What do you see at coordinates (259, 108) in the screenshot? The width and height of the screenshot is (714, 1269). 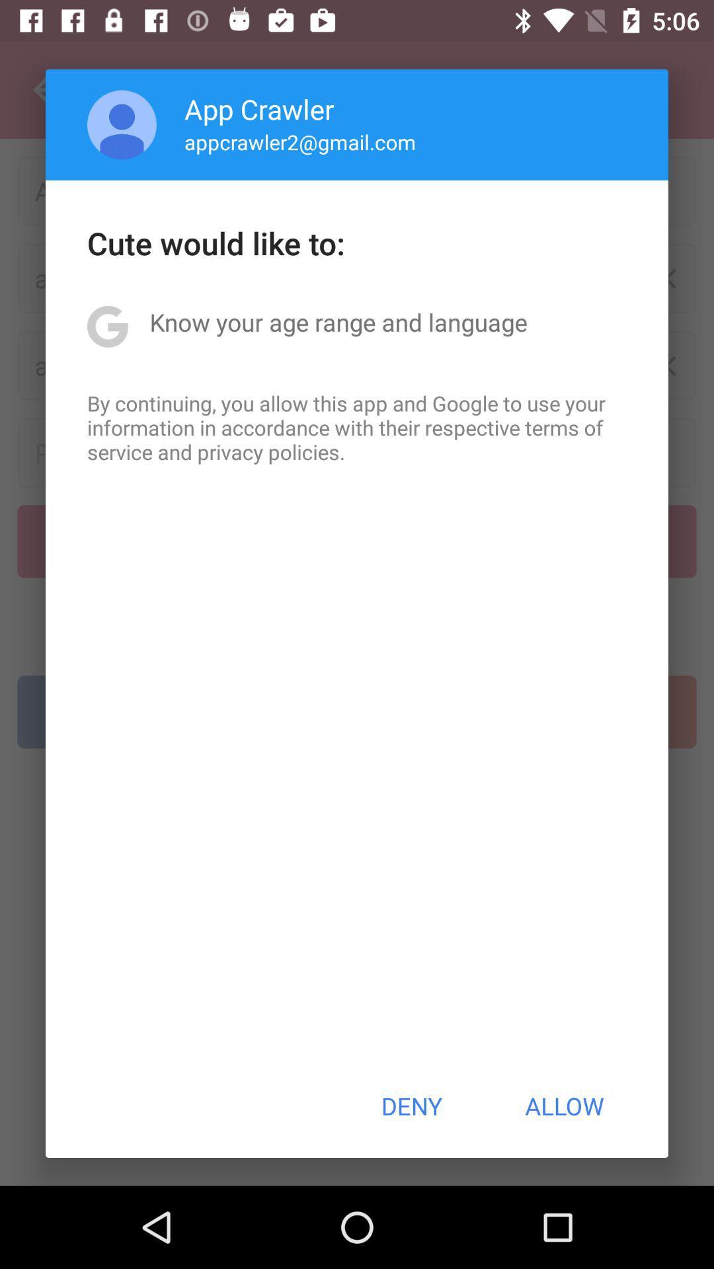 I see `app crawler app` at bounding box center [259, 108].